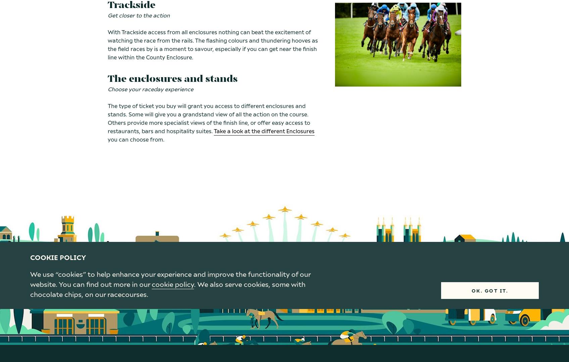 The height and width of the screenshot is (362, 569). Describe the element at coordinates (208, 118) in the screenshot. I see `'The type of ticket you buy will grant you access to different enclosures and stands. Some will give you a grandstand view of all the action on the course. Others provide more specialist views of the finish line, or offer easy access to restaurants, bars and hospitality suites.'` at that location.